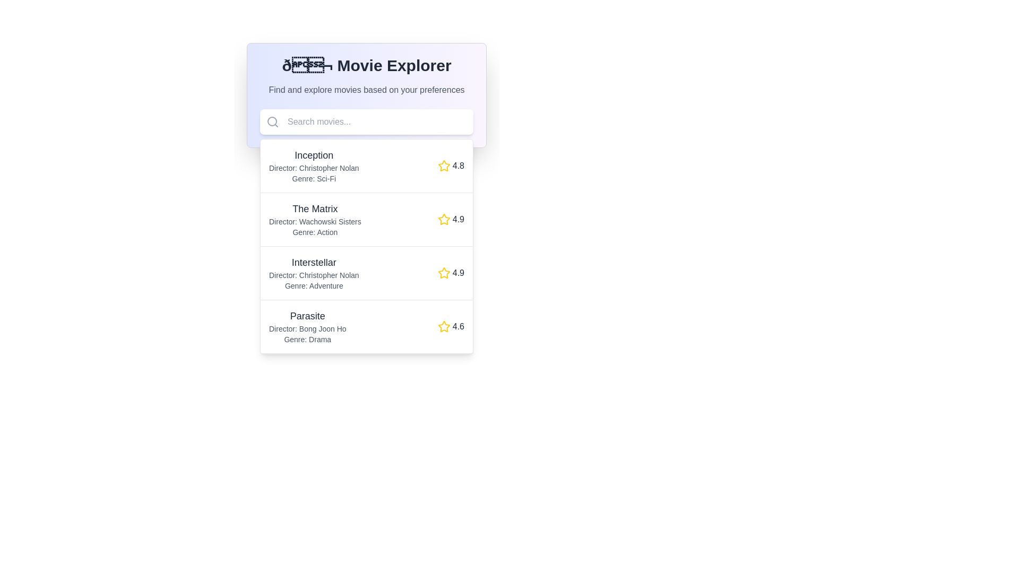  I want to click on the star icon representing a rating of '4.6' located in the fourth row of the list for reference, so click(444, 326).